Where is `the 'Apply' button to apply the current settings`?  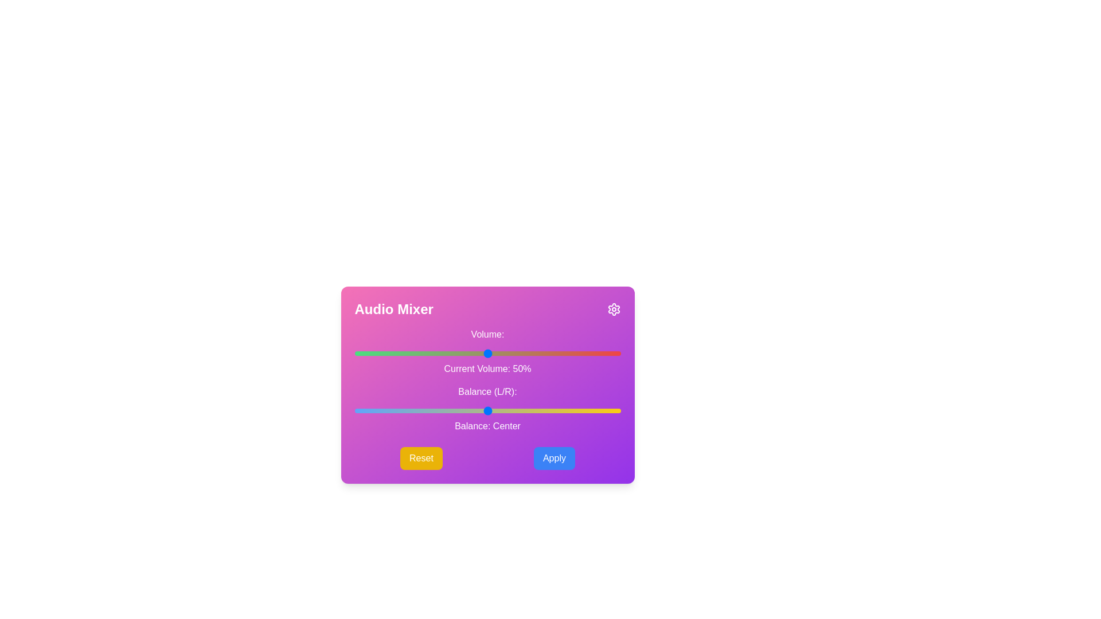 the 'Apply' button to apply the current settings is located at coordinates (554, 457).